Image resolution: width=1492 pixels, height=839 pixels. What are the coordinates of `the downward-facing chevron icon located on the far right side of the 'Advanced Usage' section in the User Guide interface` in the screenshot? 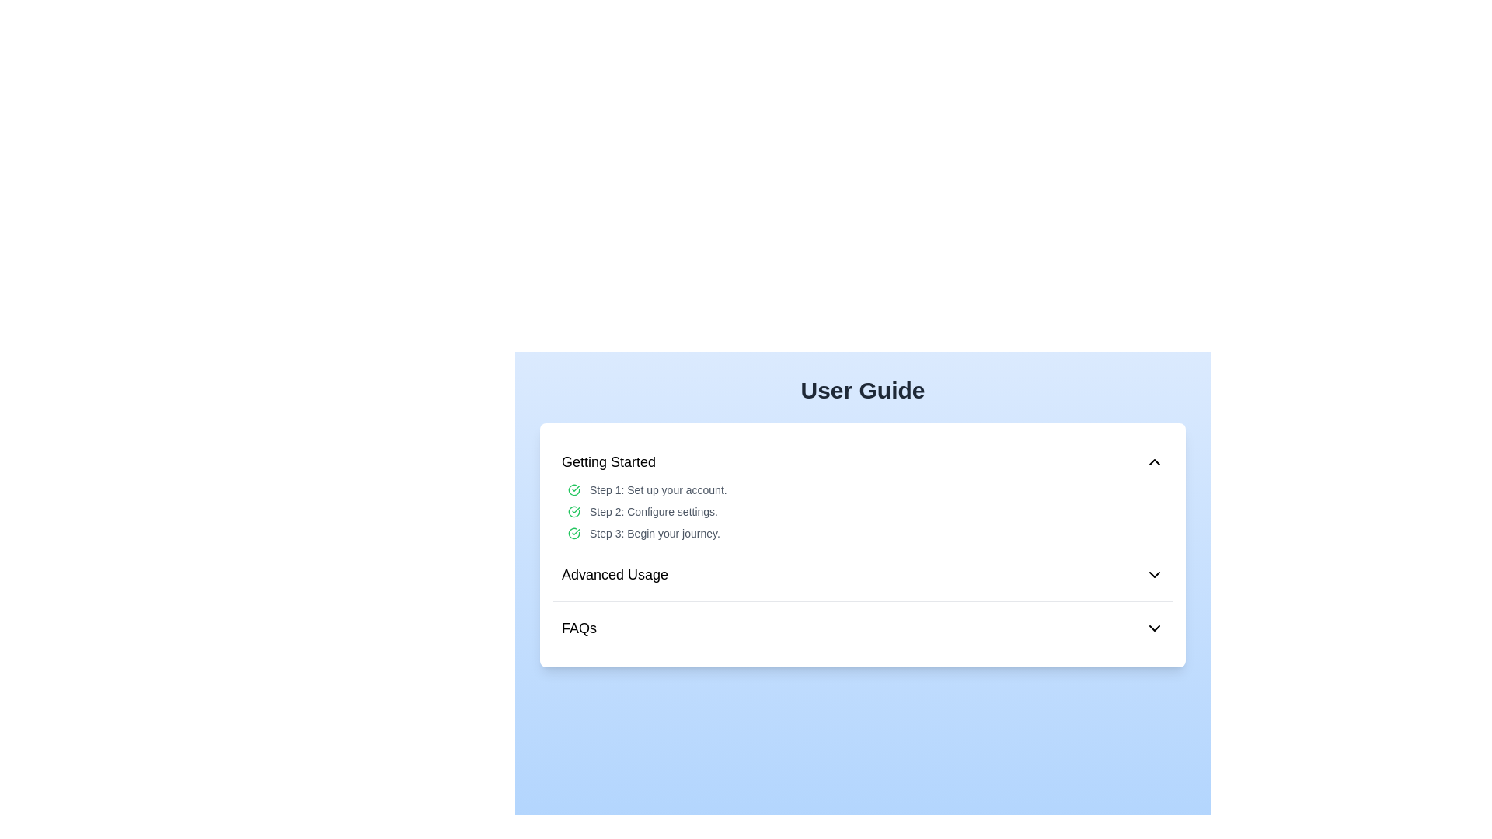 It's located at (1155, 575).